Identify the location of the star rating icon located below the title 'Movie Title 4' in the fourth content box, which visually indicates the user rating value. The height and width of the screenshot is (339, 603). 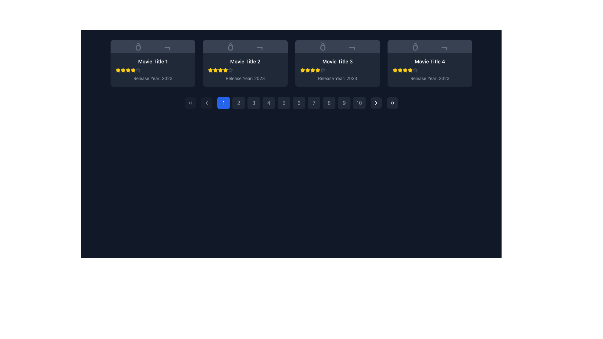
(410, 70).